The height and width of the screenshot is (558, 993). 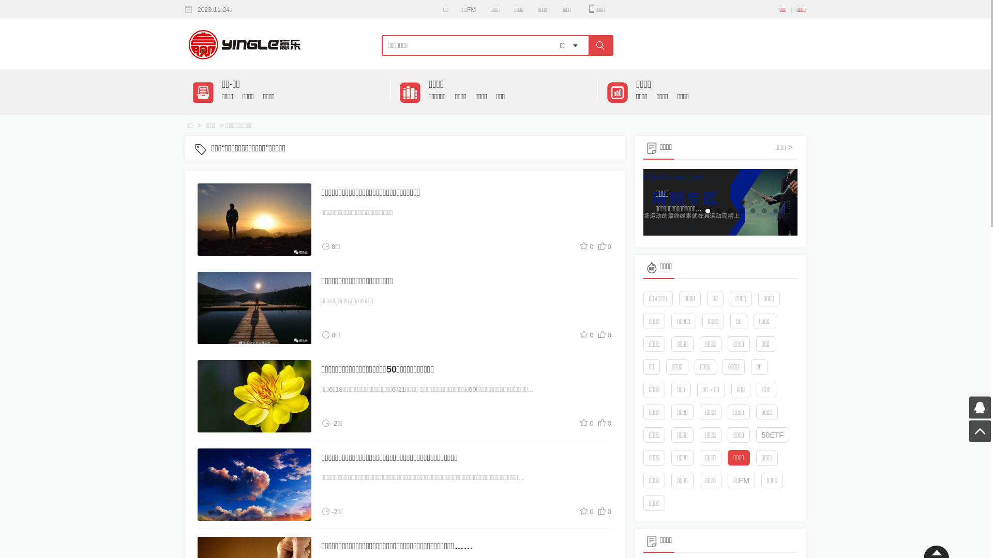 What do you see at coordinates (718, 210) in the screenshot?
I see `'6'` at bounding box center [718, 210].